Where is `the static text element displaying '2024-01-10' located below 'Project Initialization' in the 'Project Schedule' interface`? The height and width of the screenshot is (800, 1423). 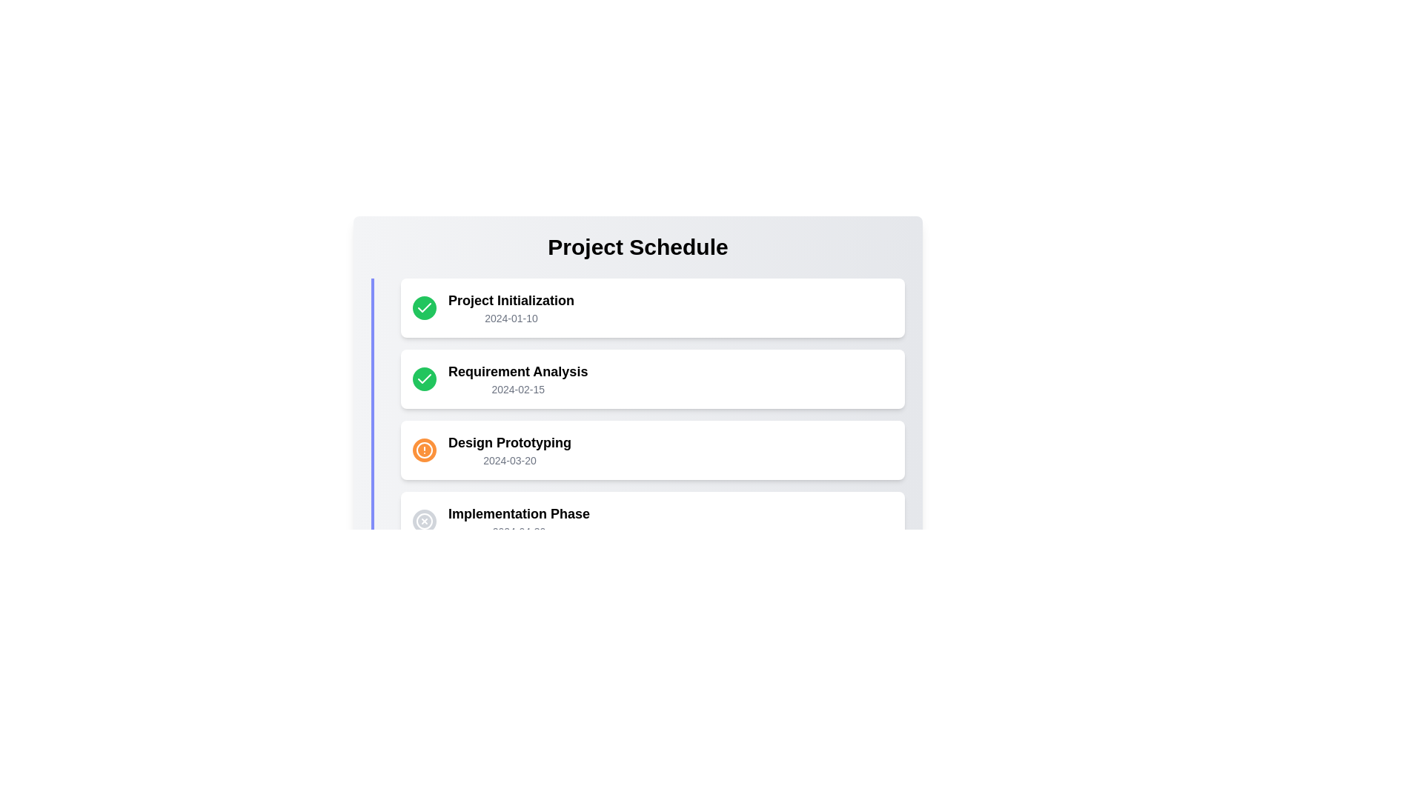 the static text element displaying '2024-01-10' located below 'Project Initialization' in the 'Project Schedule' interface is located at coordinates (511, 317).